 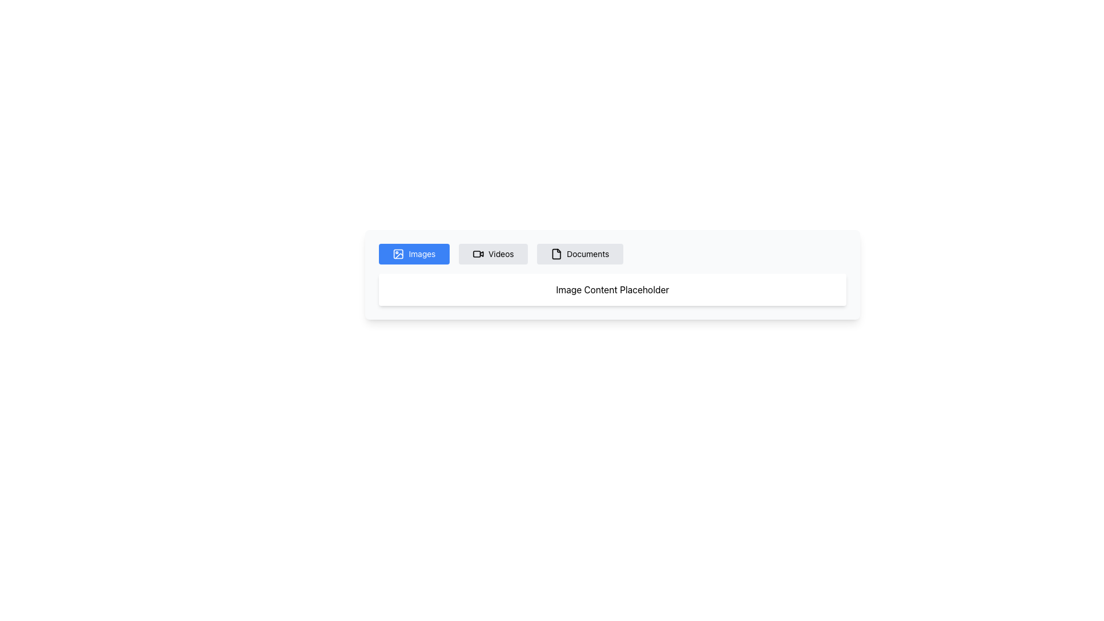 What do you see at coordinates (612, 289) in the screenshot?
I see `the text placeholder inside the rectangular field that indicates it will display image-related content` at bounding box center [612, 289].